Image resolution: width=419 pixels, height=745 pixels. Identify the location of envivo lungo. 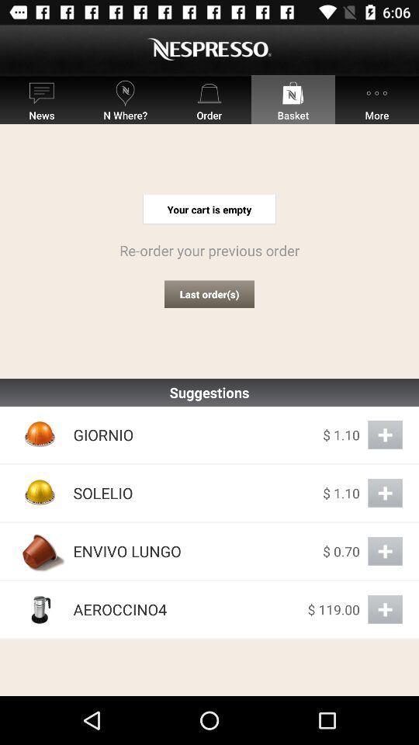
(384, 551).